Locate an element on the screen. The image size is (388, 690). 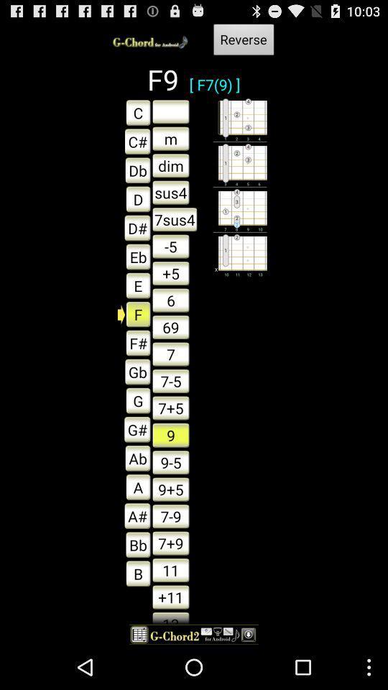
the imge beside 7sus4 text is located at coordinates (240, 209).